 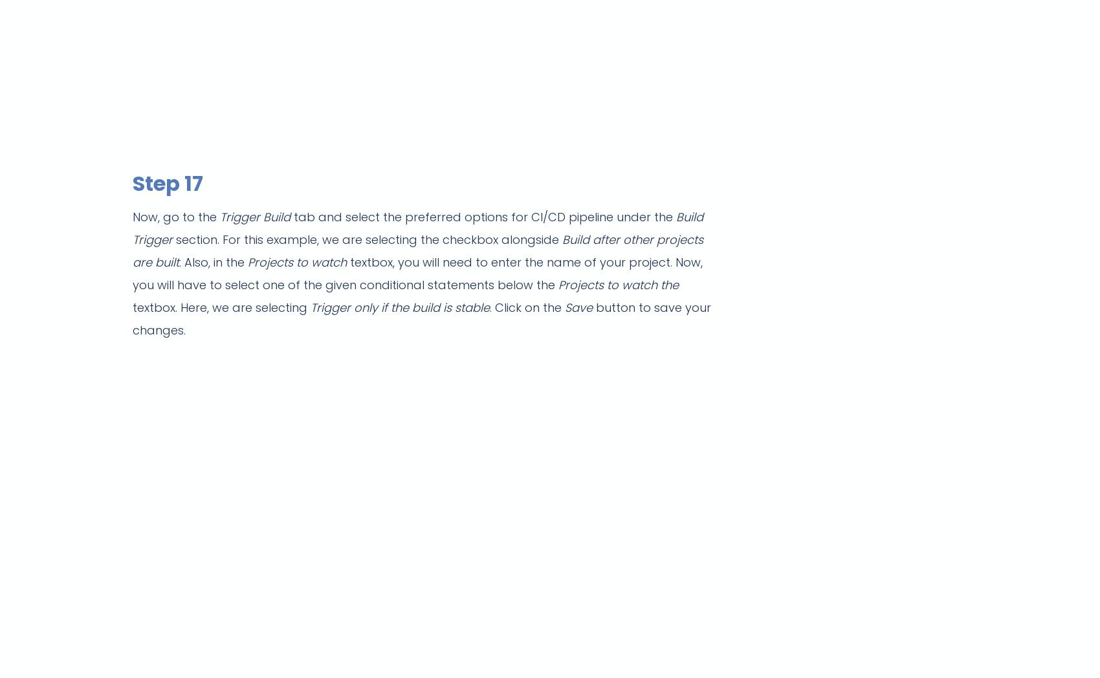 I want to click on 'textbox, you will need to enter the name of your project. Now, you will have to select one of the given conditional statements below the', so click(x=417, y=273).